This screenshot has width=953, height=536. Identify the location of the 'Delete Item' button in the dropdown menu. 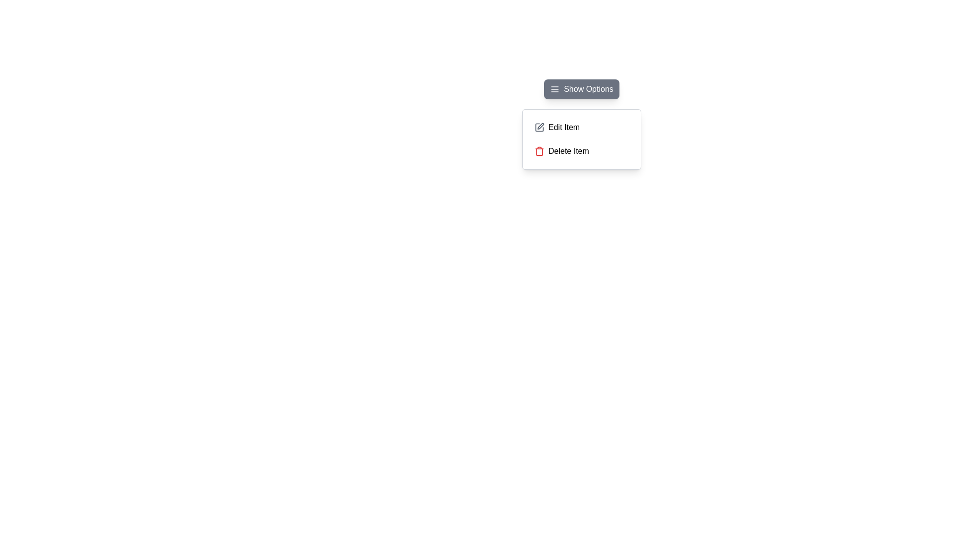
(581, 151).